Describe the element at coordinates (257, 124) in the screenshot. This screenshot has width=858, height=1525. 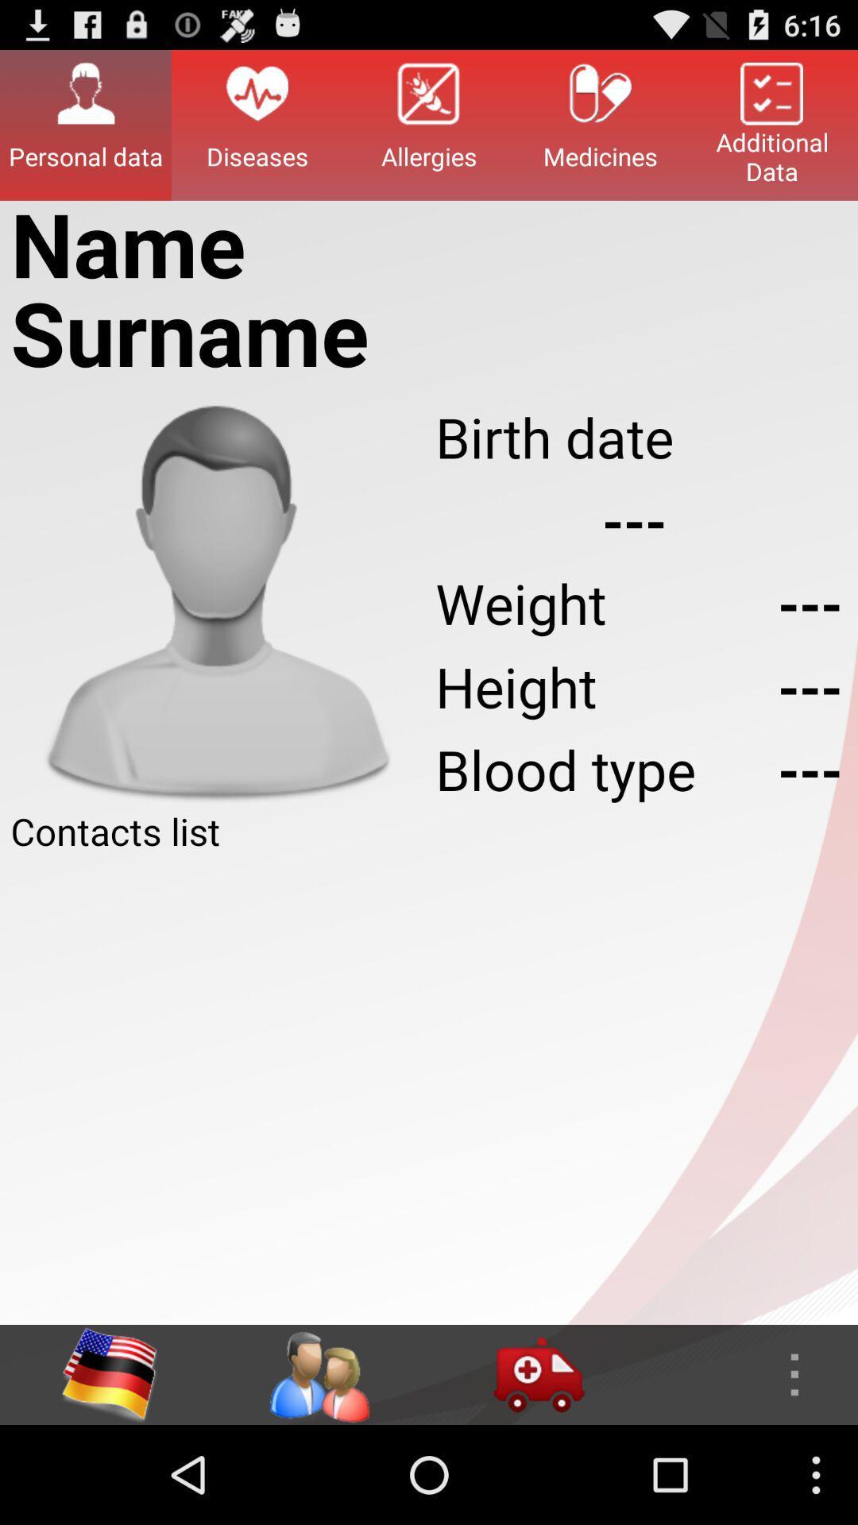
I see `diseases` at that location.